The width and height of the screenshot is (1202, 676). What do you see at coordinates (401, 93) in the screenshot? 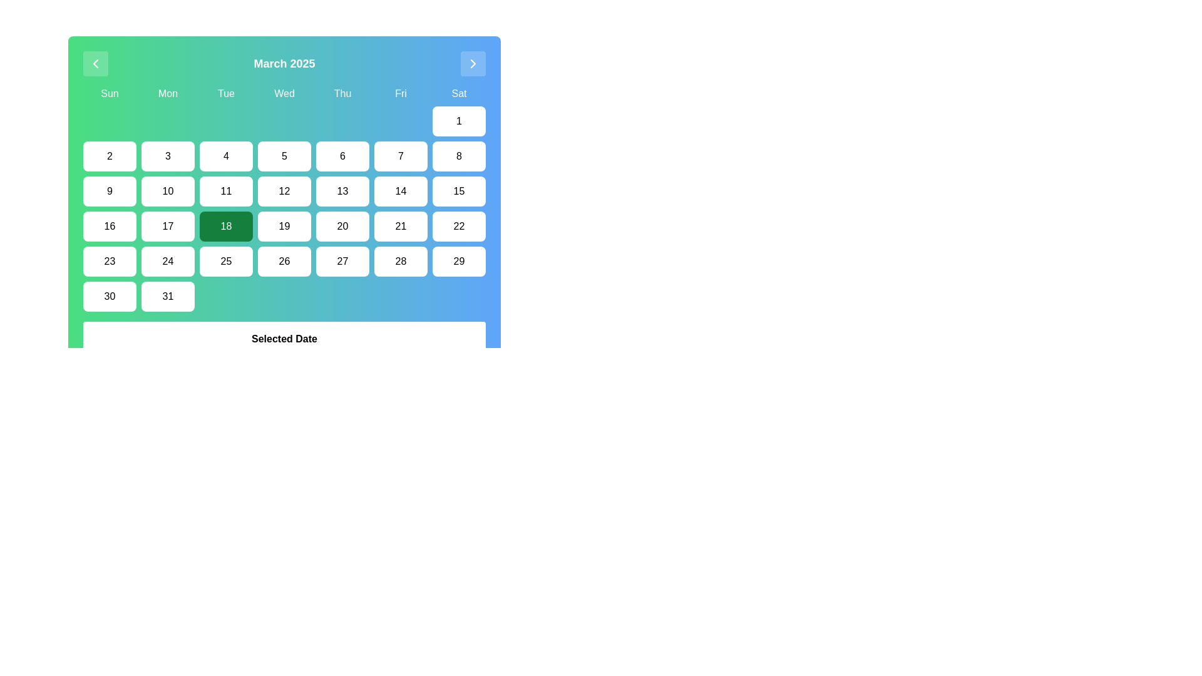
I see `text displayed in the TextLabel element that shows the abbreviation 'Fri', which is part of the weekday header row in a calendar layout` at bounding box center [401, 93].